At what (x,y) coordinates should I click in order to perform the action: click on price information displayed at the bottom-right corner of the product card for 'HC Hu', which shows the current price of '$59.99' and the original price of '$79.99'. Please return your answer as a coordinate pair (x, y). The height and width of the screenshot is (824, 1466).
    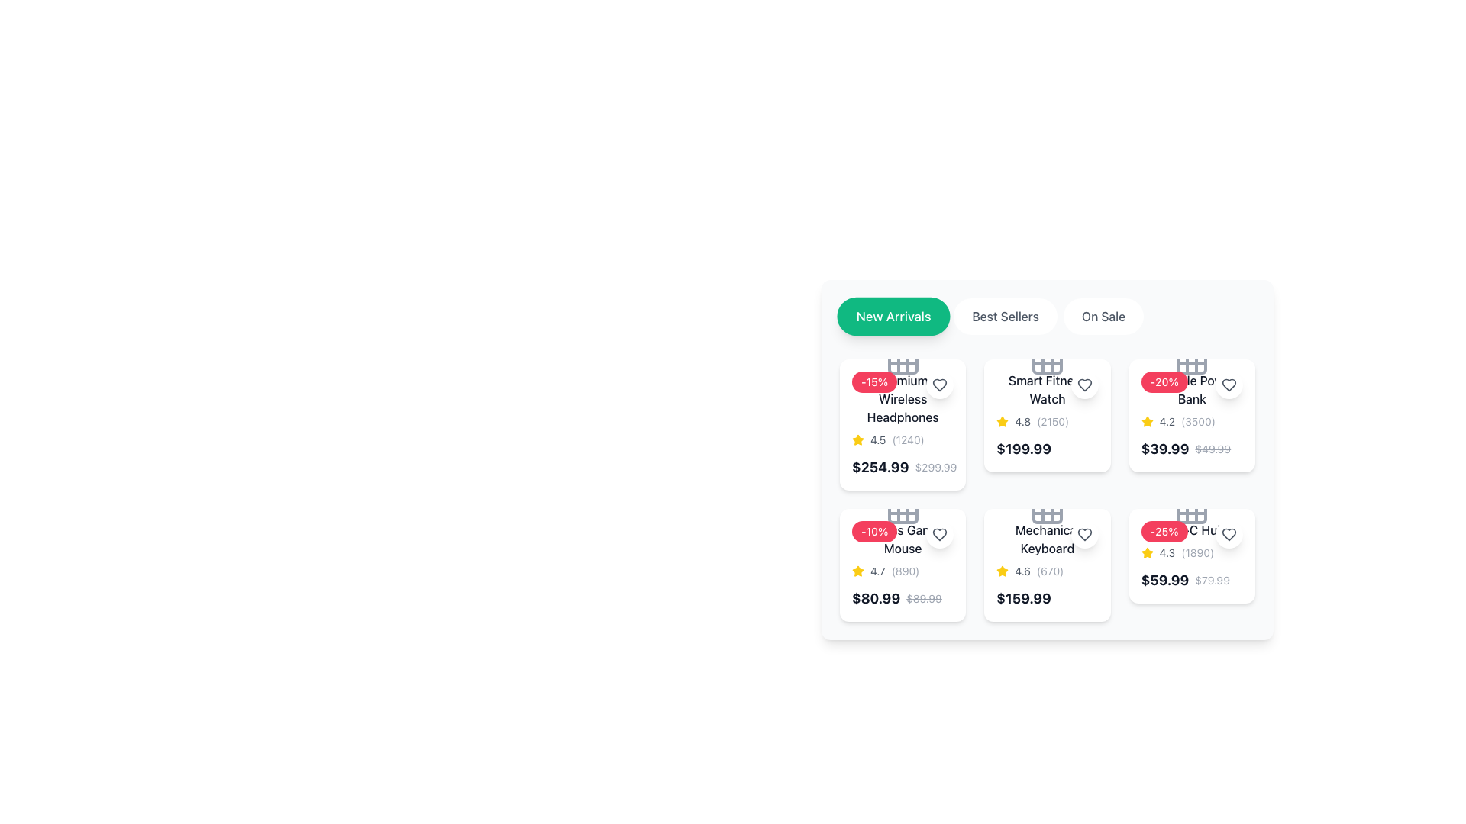
    Looking at the image, I should click on (1184, 580).